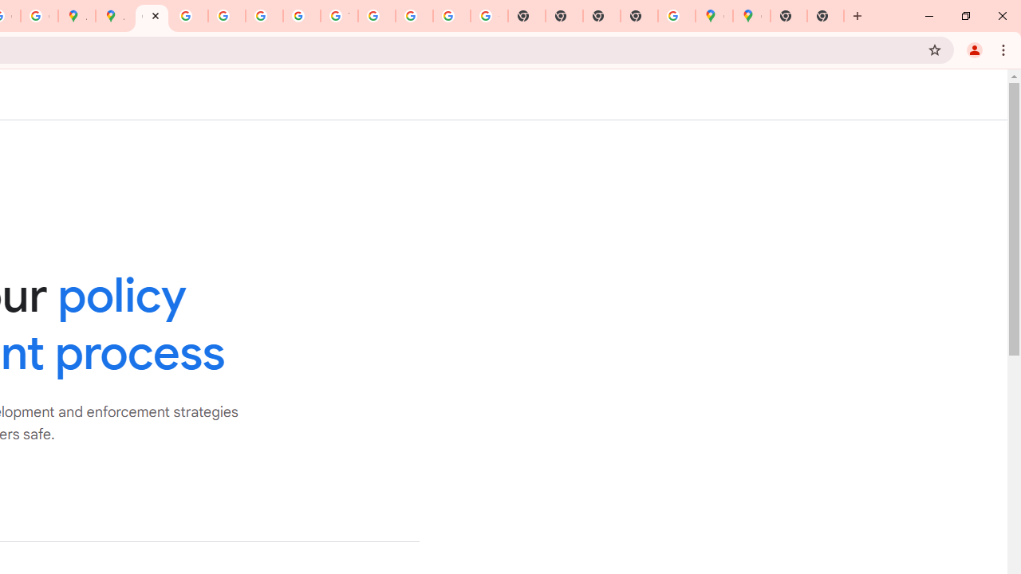 This screenshot has height=574, width=1021. What do you see at coordinates (676, 16) in the screenshot?
I see `'Use Google Maps in Space - Google Maps Help'` at bounding box center [676, 16].